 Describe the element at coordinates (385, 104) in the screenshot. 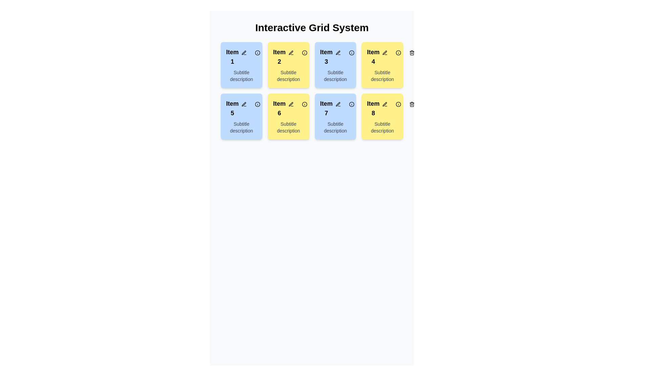

I see `the edit icon button located in the top-right corner of the grid item labeled 'Item 8'` at that location.